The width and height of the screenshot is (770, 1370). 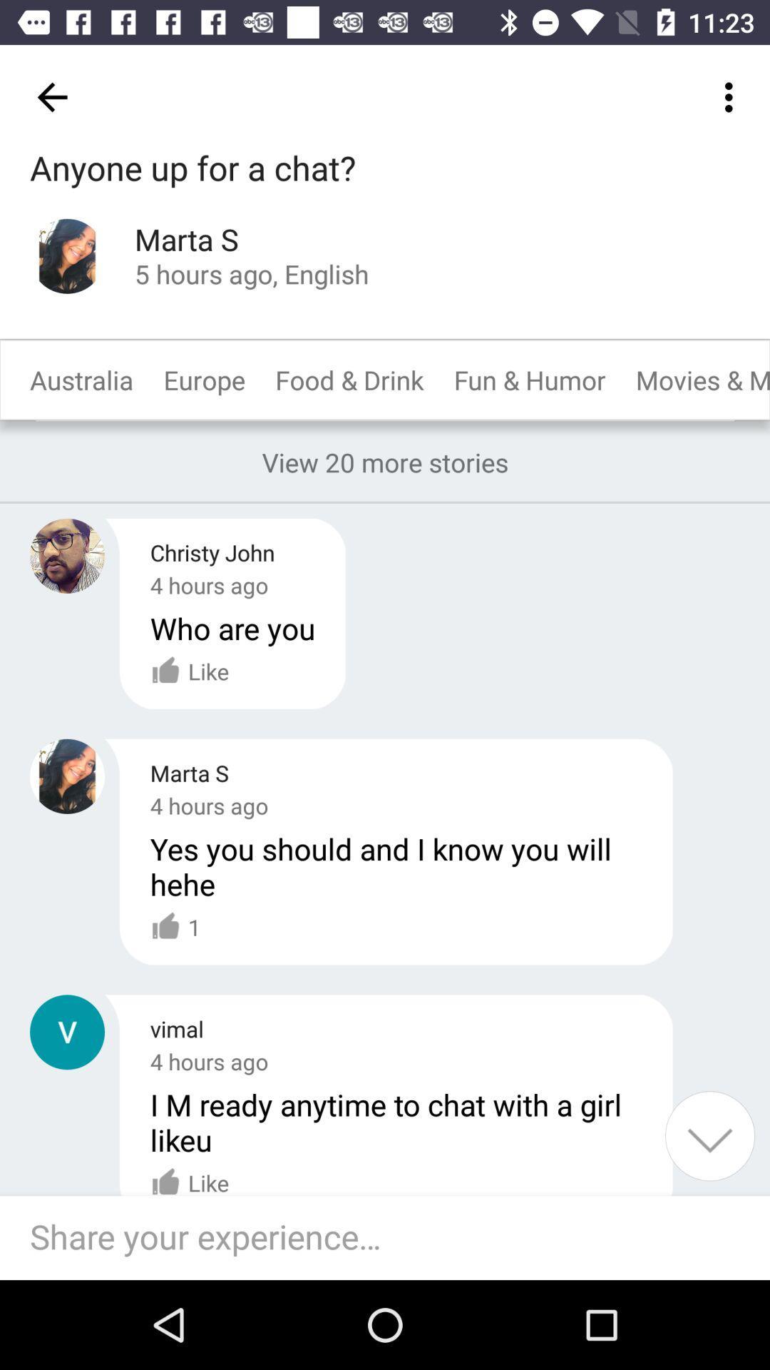 I want to click on the image which is left to vimal, so click(x=67, y=1032).